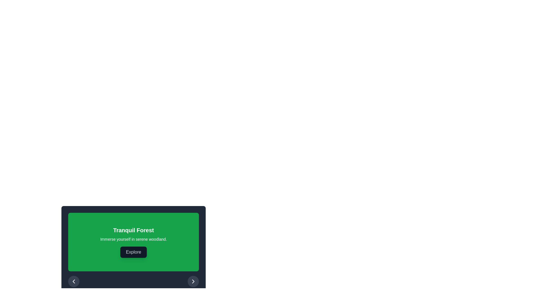 This screenshot has height=304, width=541. Describe the element at coordinates (193, 281) in the screenshot. I see `the right-pointing chevron icon within the round clickable button at the bottom-right corner of the rectangular interface section` at that location.